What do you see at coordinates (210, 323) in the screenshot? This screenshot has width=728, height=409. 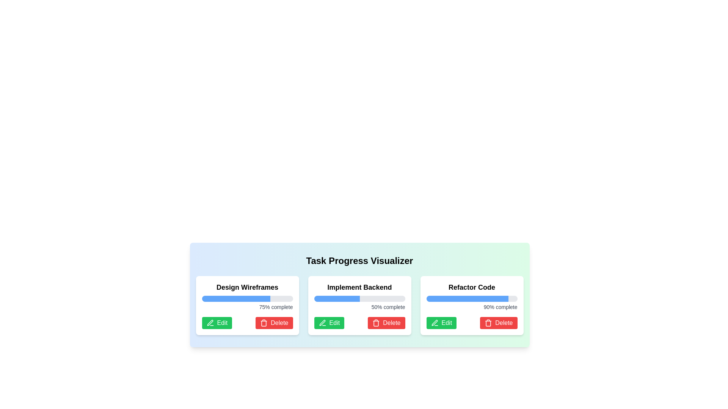 I see `the green pen icon that signifies the edit function, which is part of the 'Edit' button located` at bounding box center [210, 323].